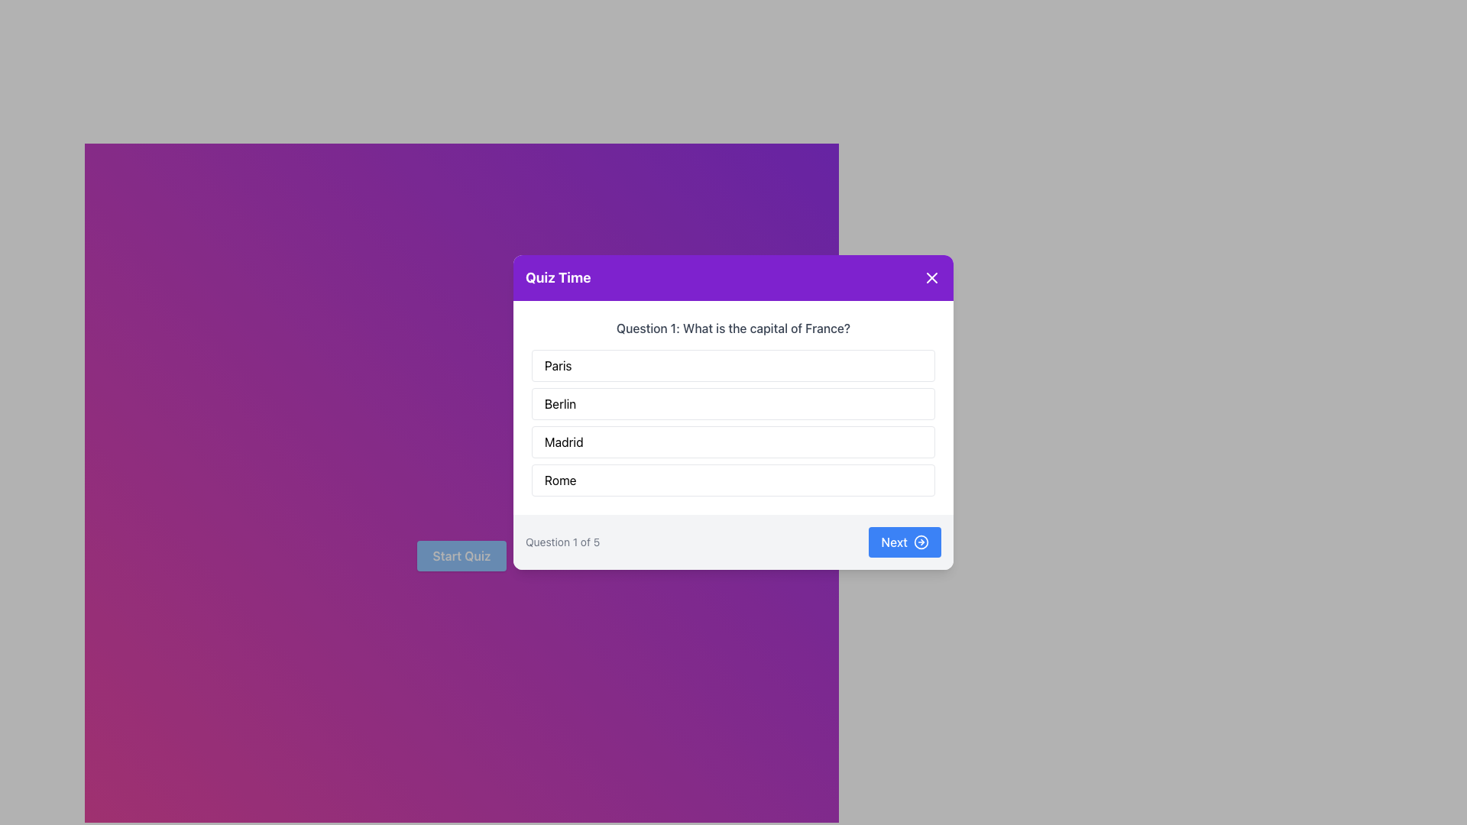  Describe the element at coordinates (931, 277) in the screenshot. I see `the close icon located at the top-right corner of the modal dialog box with a purple header` at that location.